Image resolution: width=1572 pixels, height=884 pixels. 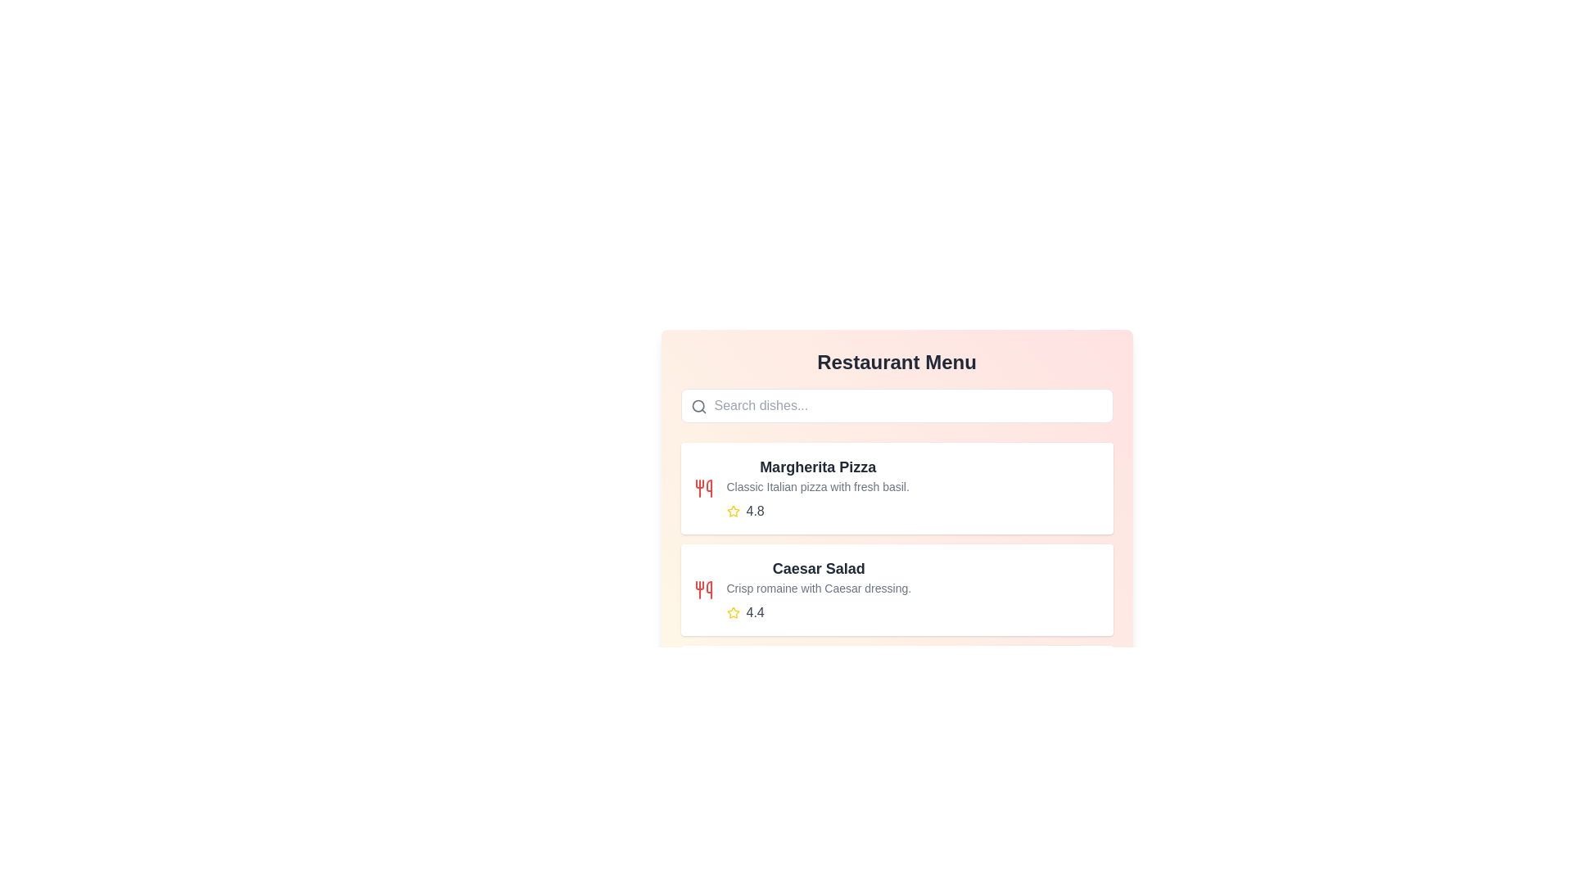 What do you see at coordinates (703, 590) in the screenshot?
I see `the food-related icon for the 'Caesar Salad' menu item, which is aligned to the left of the item's title and description` at bounding box center [703, 590].